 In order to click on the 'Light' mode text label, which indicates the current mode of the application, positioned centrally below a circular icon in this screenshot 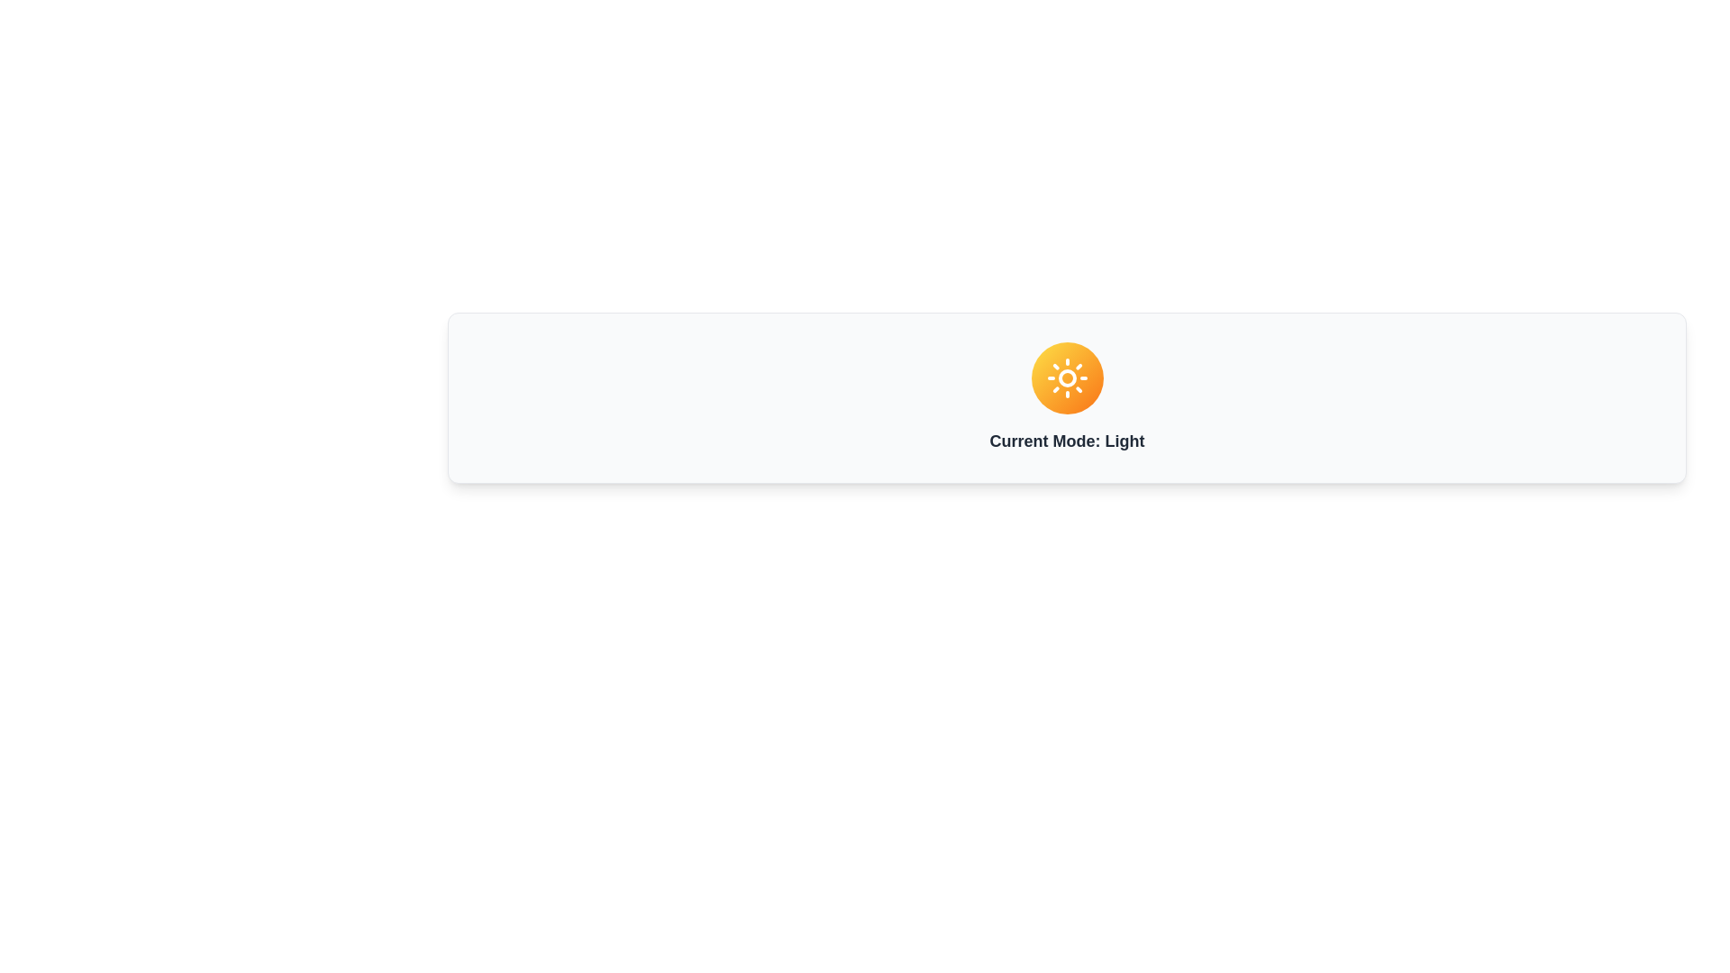, I will do `click(1067, 441)`.